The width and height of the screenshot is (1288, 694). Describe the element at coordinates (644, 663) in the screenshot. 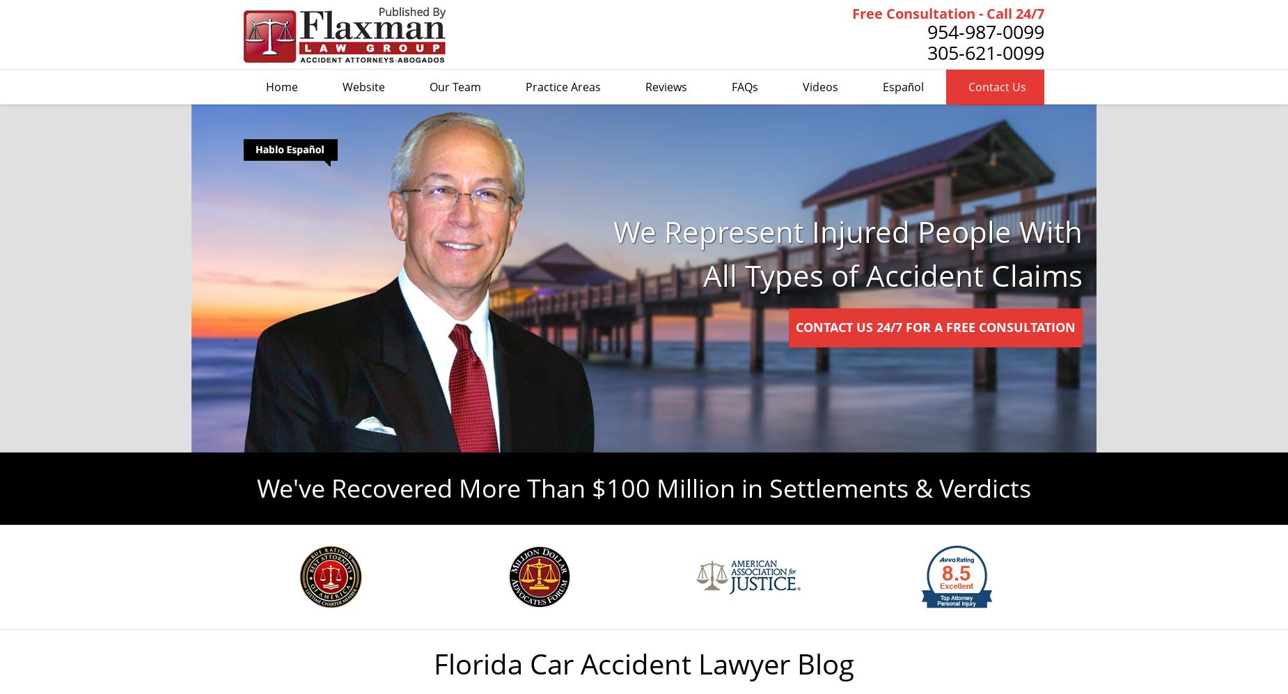

I see `'Florida Car Accident Lawyer Blog'` at that location.